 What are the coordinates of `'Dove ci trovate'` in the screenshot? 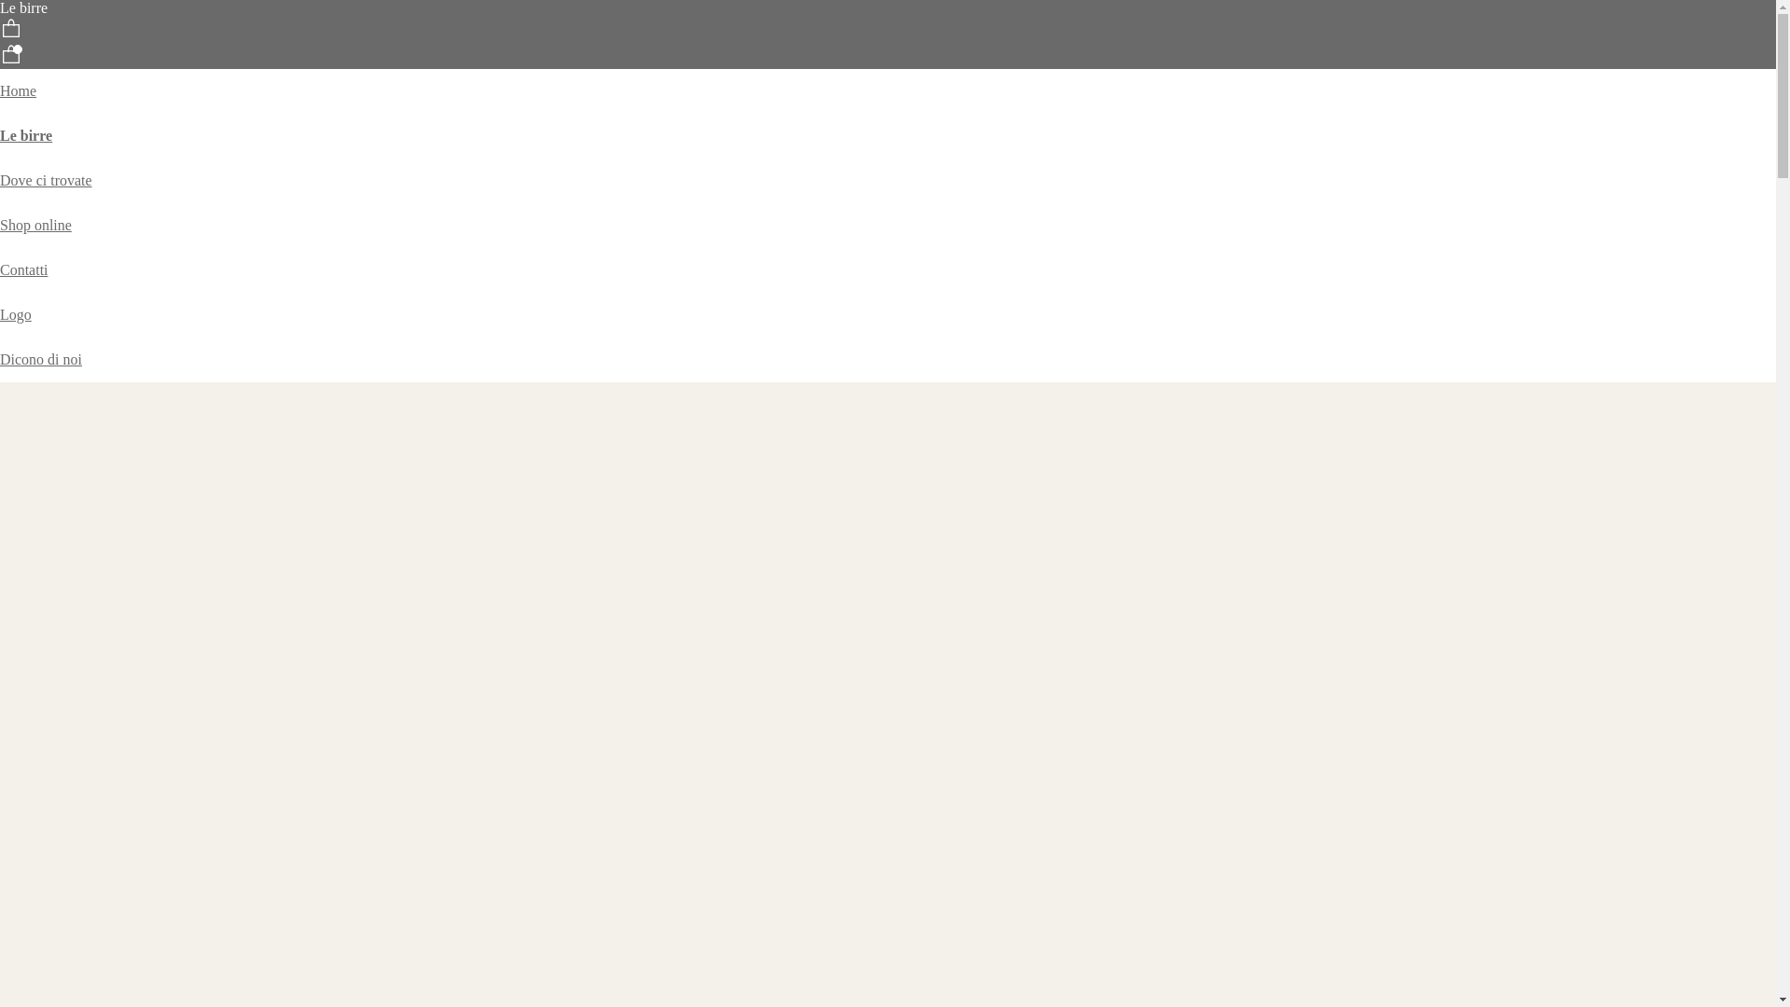 It's located at (46, 180).